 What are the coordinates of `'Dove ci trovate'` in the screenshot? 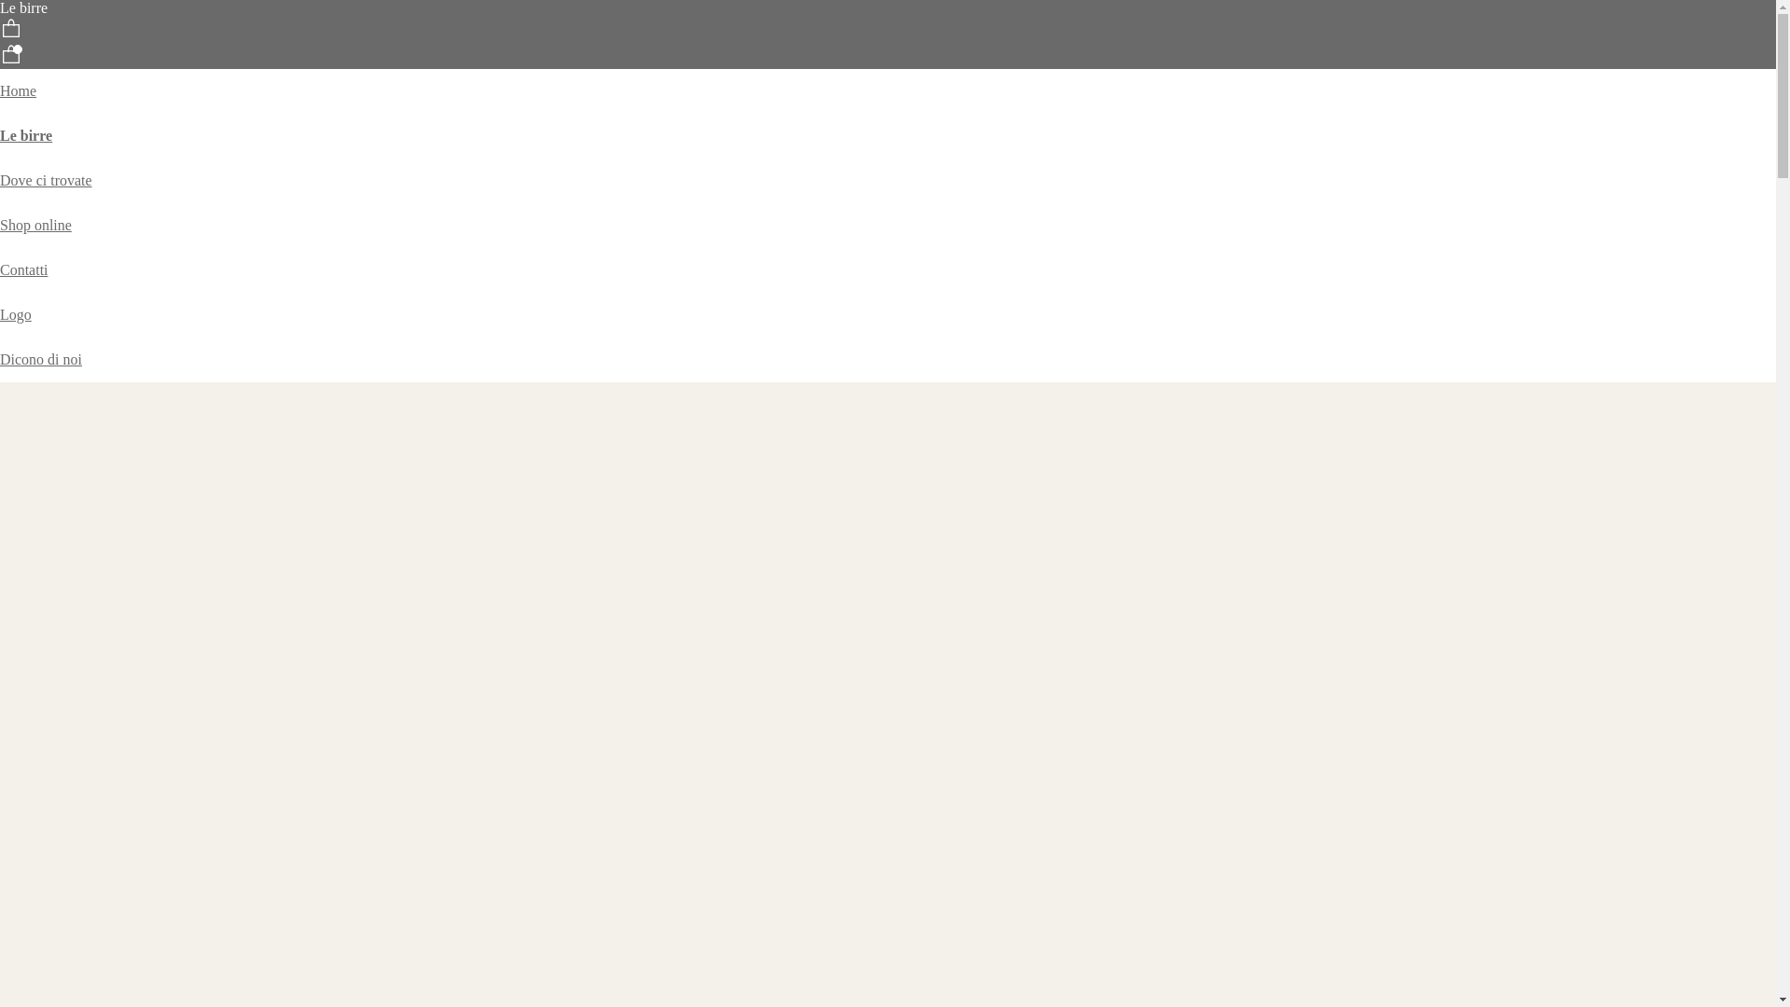 It's located at (46, 180).